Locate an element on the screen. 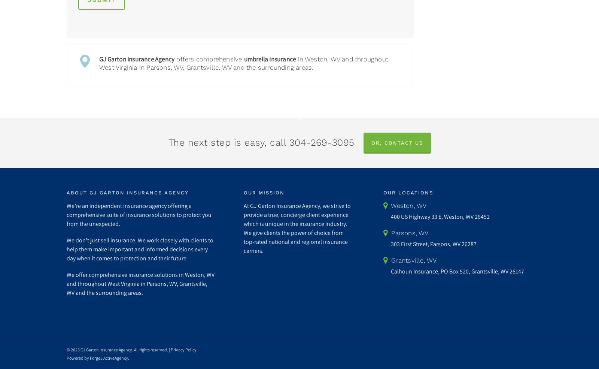 The height and width of the screenshot is (369, 599). 'We offer comprehensive insurance solutions in Weston, WV and throughout West Virginia in Parsons, WV, Grantsville, WV and the surrounding areas.' is located at coordinates (140, 284).